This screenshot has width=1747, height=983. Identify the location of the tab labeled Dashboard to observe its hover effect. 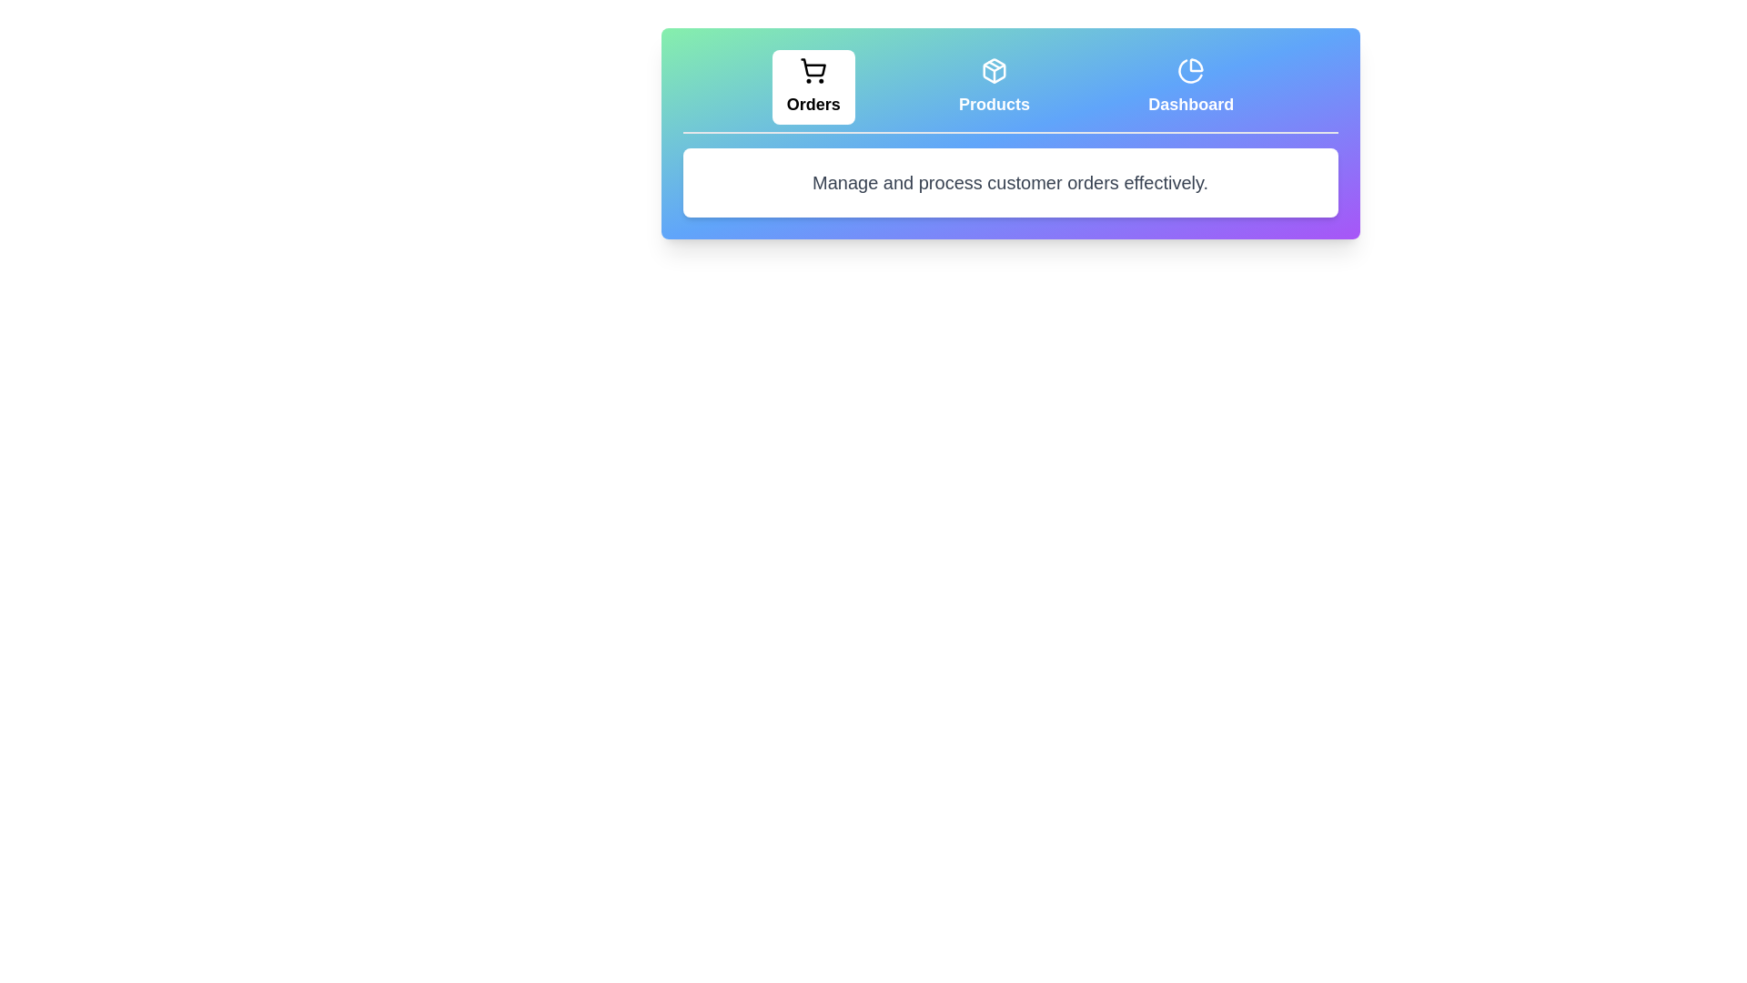
(1191, 87).